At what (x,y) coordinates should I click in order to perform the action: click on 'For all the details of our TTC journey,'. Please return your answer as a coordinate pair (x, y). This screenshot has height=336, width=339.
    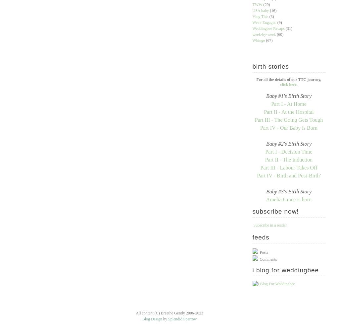
    Looking at the image, I should click on (289, 79).